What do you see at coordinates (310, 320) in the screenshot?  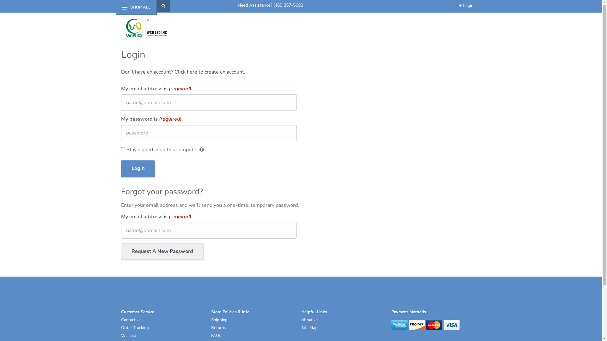 I see `'About Us'` at bounding box center [310, 320].